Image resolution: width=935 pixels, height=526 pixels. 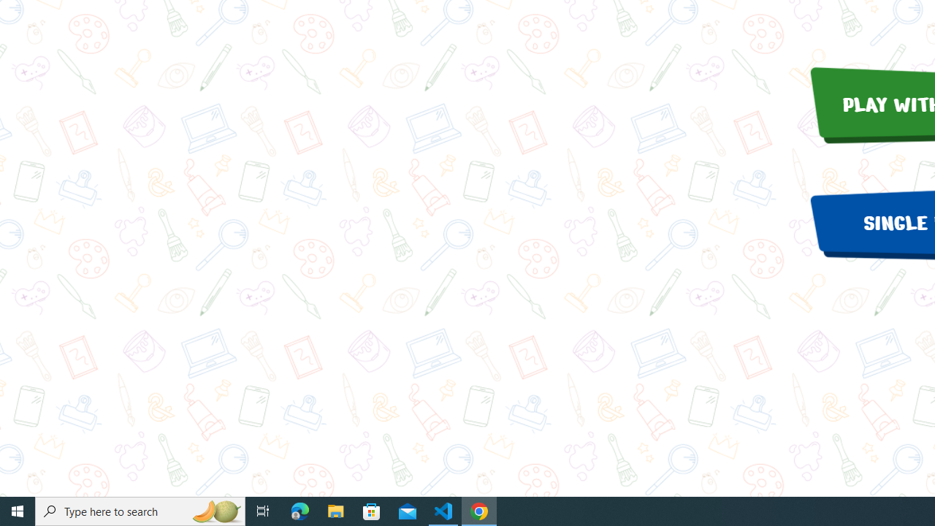 I want to click on 'Start', so click(x=18, y=510).